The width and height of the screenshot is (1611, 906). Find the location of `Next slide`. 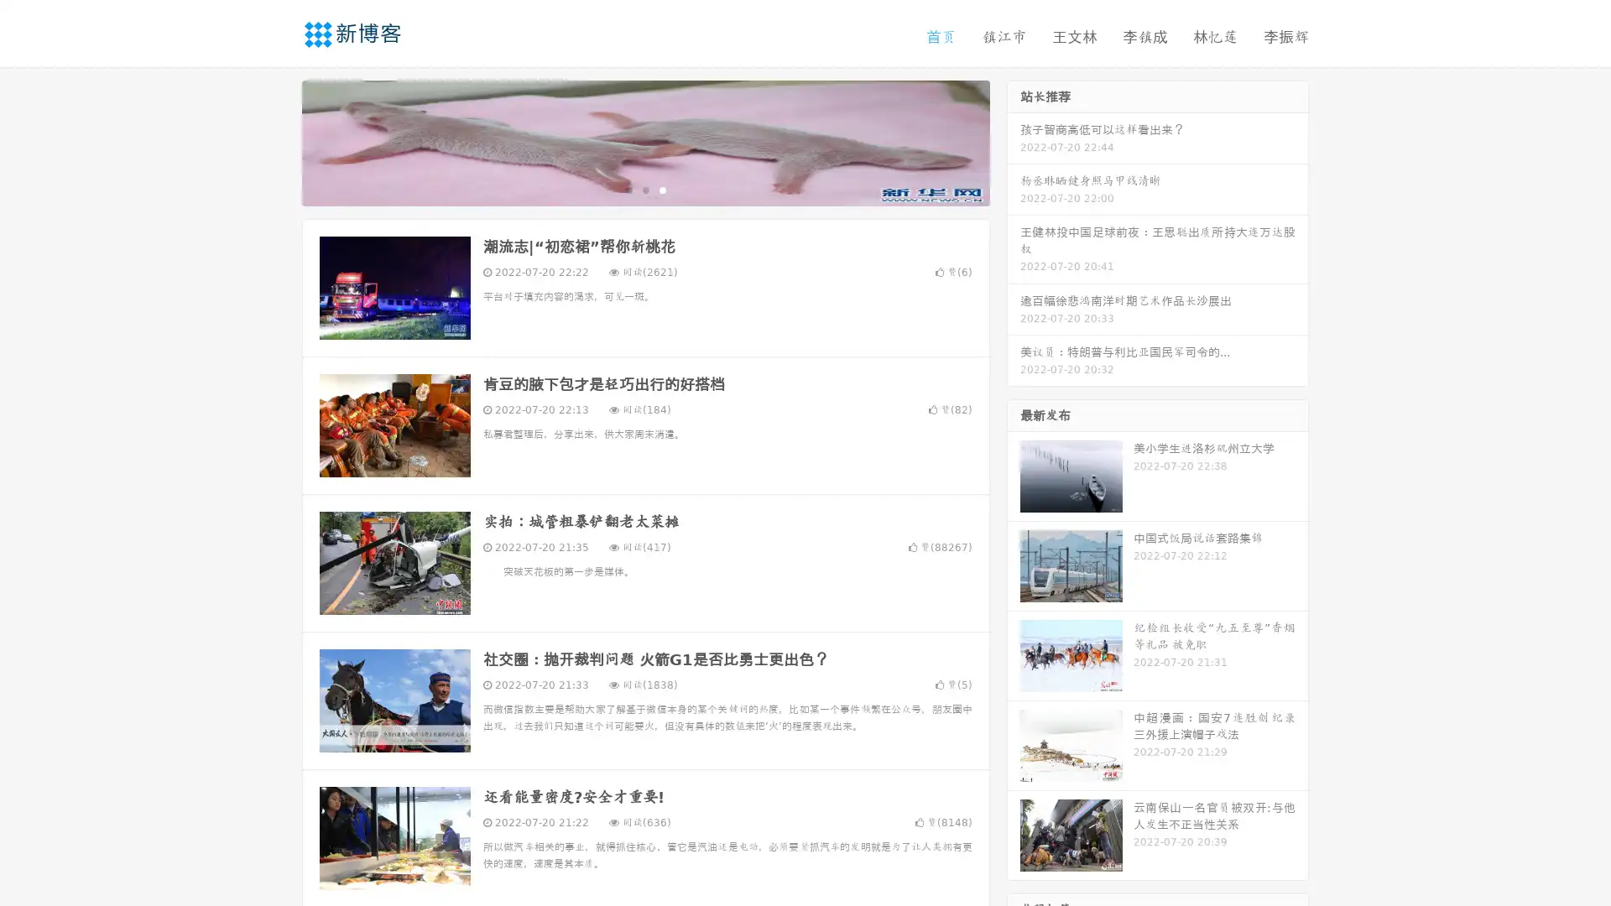

Next slide is located at coordinates (1014, 141).